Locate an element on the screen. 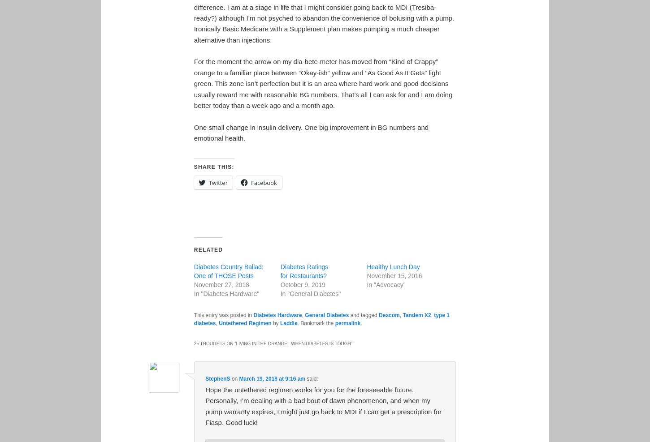 The image size is (650, 442). 'Dexcom' is located at coordinates (388, 315).